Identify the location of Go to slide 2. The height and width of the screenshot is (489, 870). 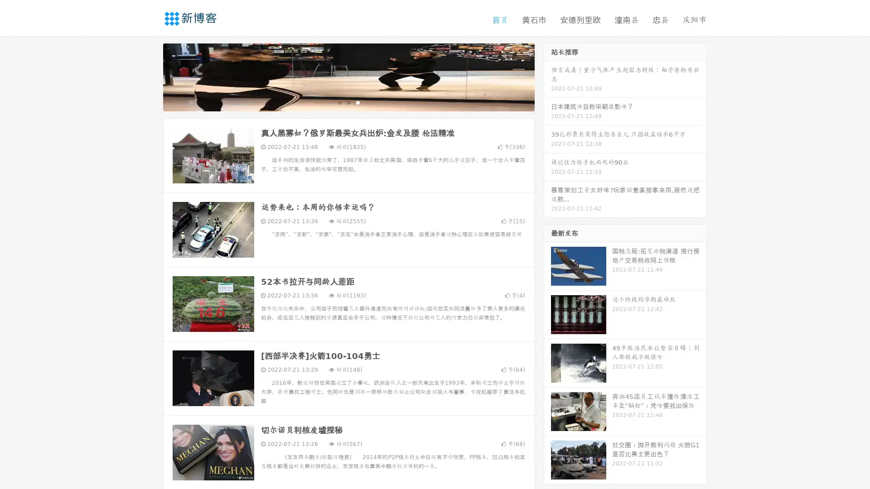
(348, 102).